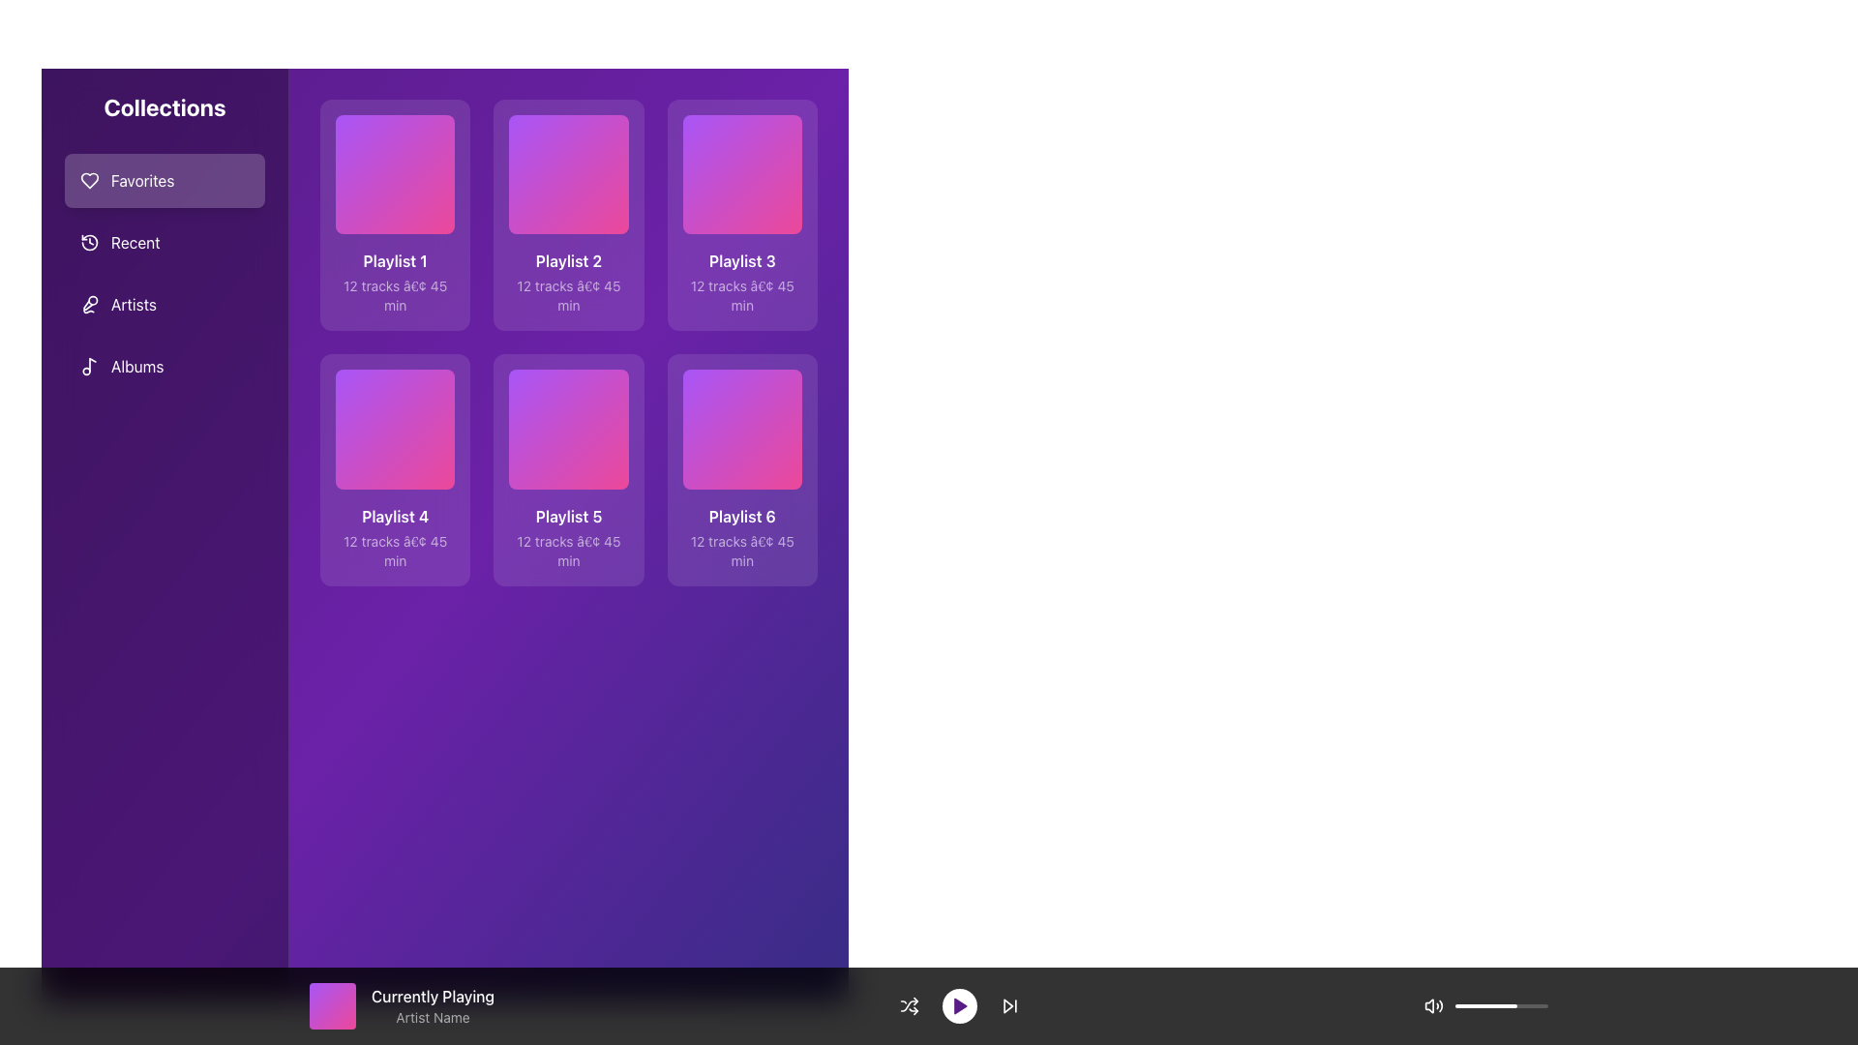 The height and width of the screenshot is (1045, 1858). Describe the element at coordinates (567, 515) in the screenshot. I see `text label that serves as a title for the playlist card, specifically the third text label in the second row of the grid layout for 'Playlist 5'` at that location.